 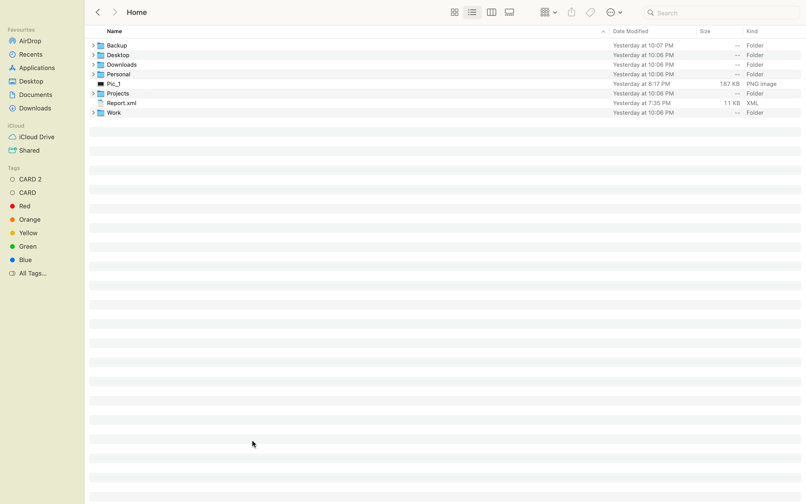 What do you see at coordinates (347, 32) in the screenshot?
I see `Organize the files by name in descending sequence` at bounding box center [347, 32].